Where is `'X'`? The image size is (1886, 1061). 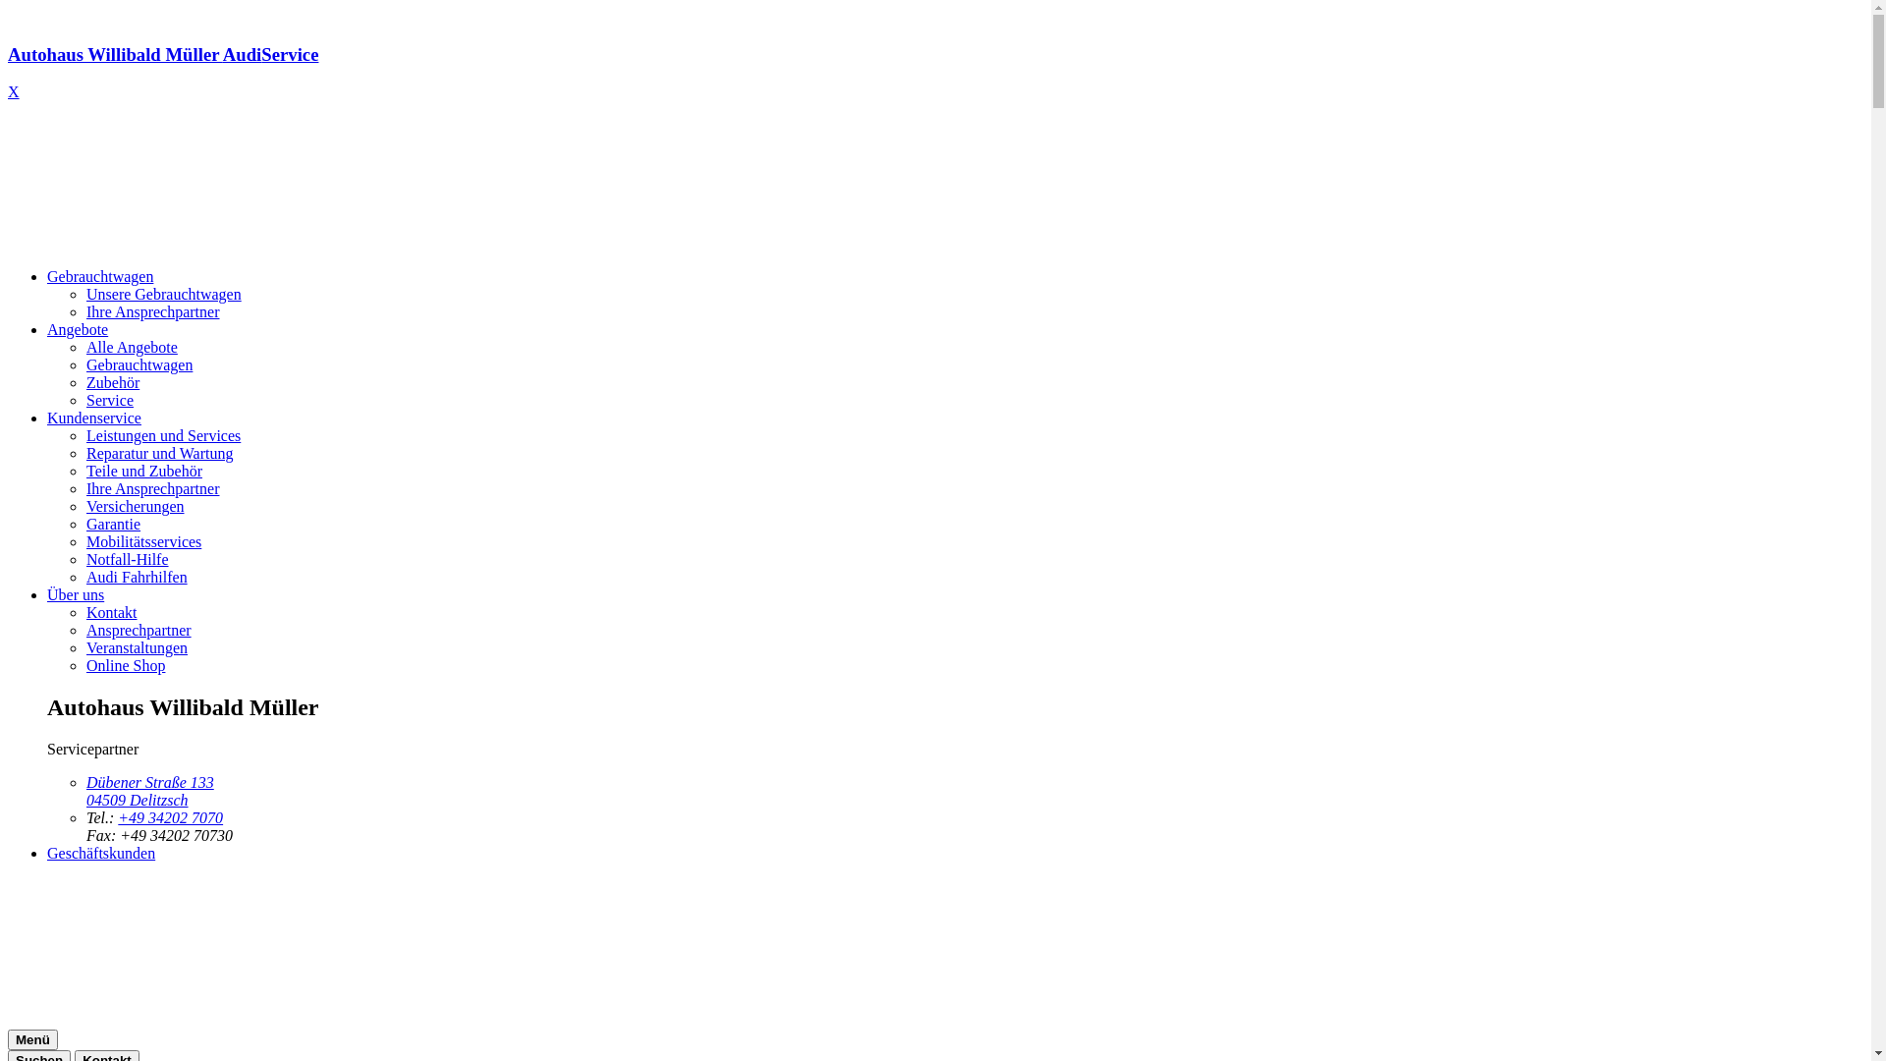
'X' is located at coordinates (14, 91).